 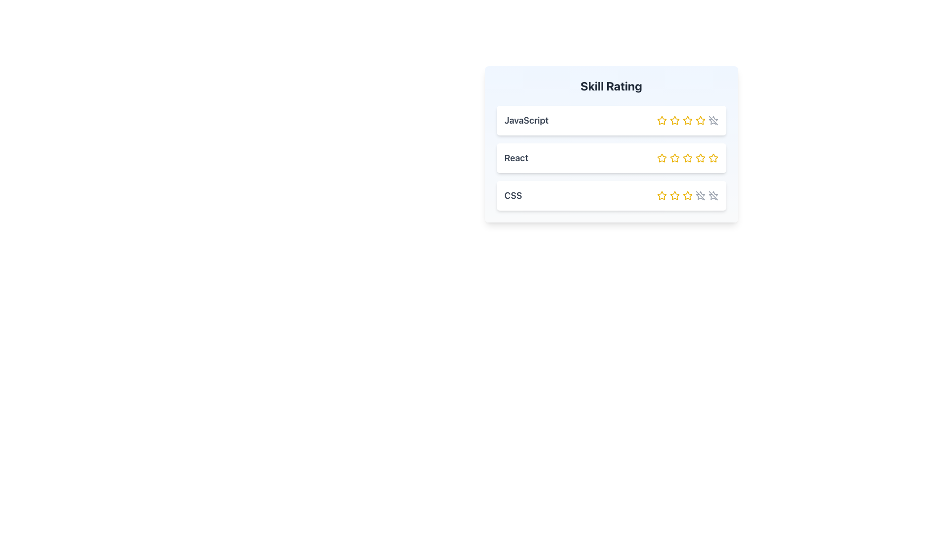 What do you see at coordinates (662, 157) in the screenshot?
I see `the second yellow star in the middle row of the 'Skill Rating' section` at bounding box center [662, 157].